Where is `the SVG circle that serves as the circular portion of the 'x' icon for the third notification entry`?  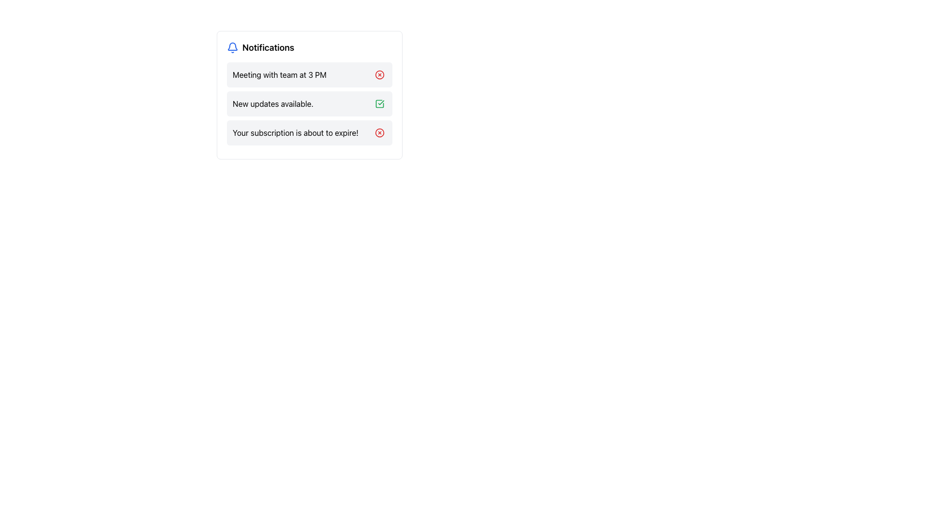
the SVG circle that serves as the circular portion of the 'x' icon for the third notification entry is located at coordinates (379, 132).